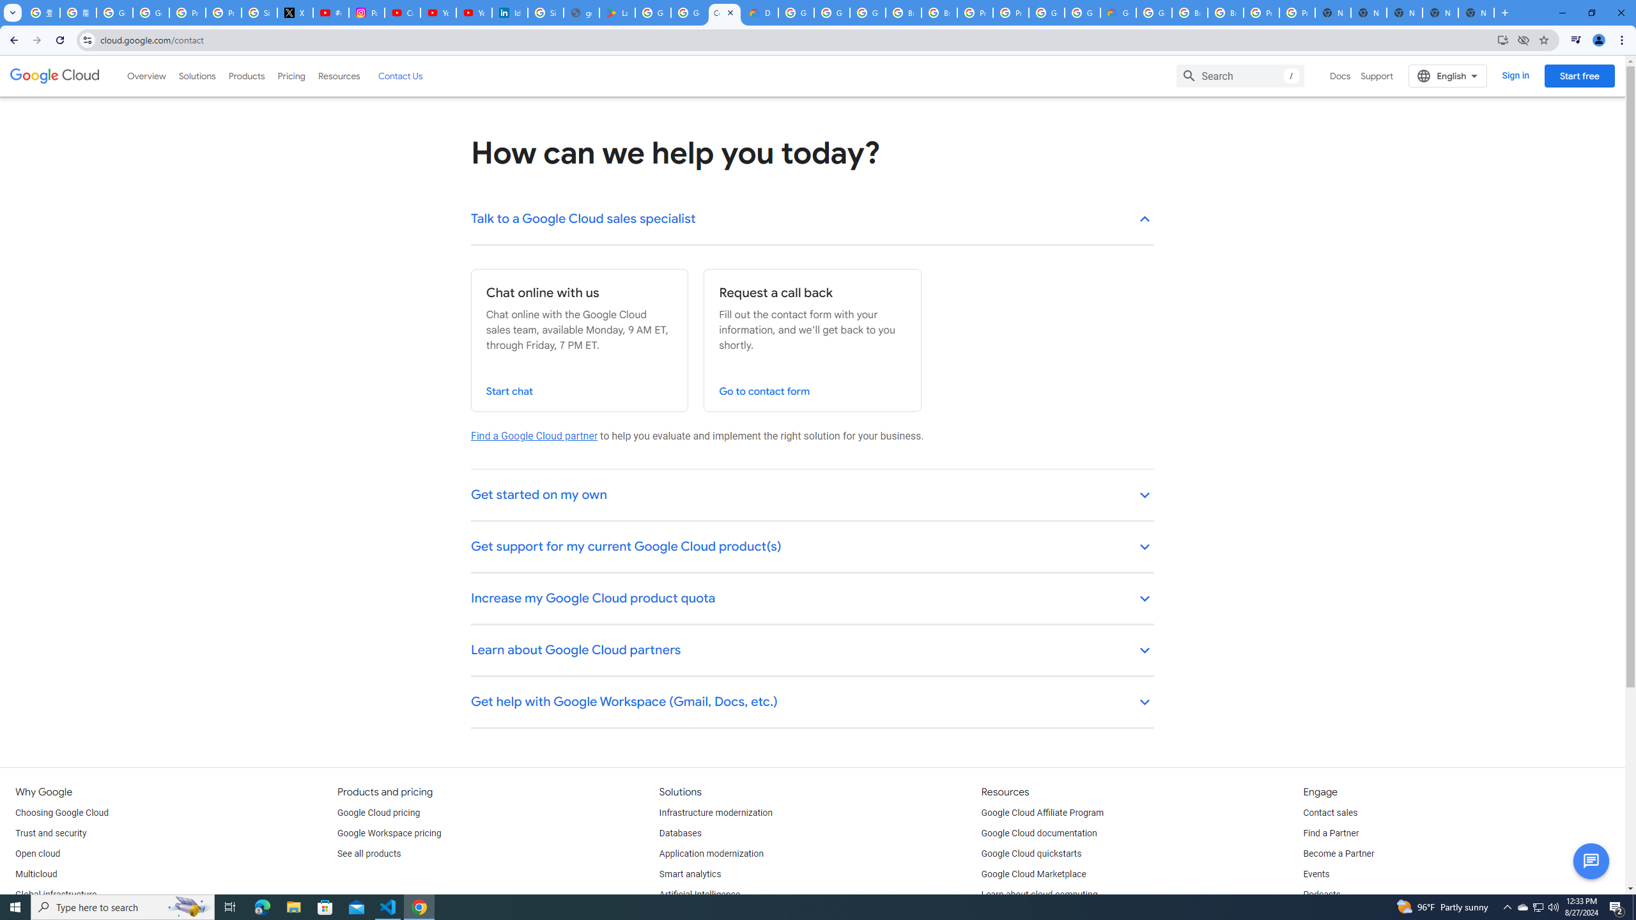 Image resolution: width=1636 pixels, height=920 pixels. What do you see at coordinates (1338, 854) in the screenshot?
I see `'Become a Partner'` at bounding box center [1338, 854].